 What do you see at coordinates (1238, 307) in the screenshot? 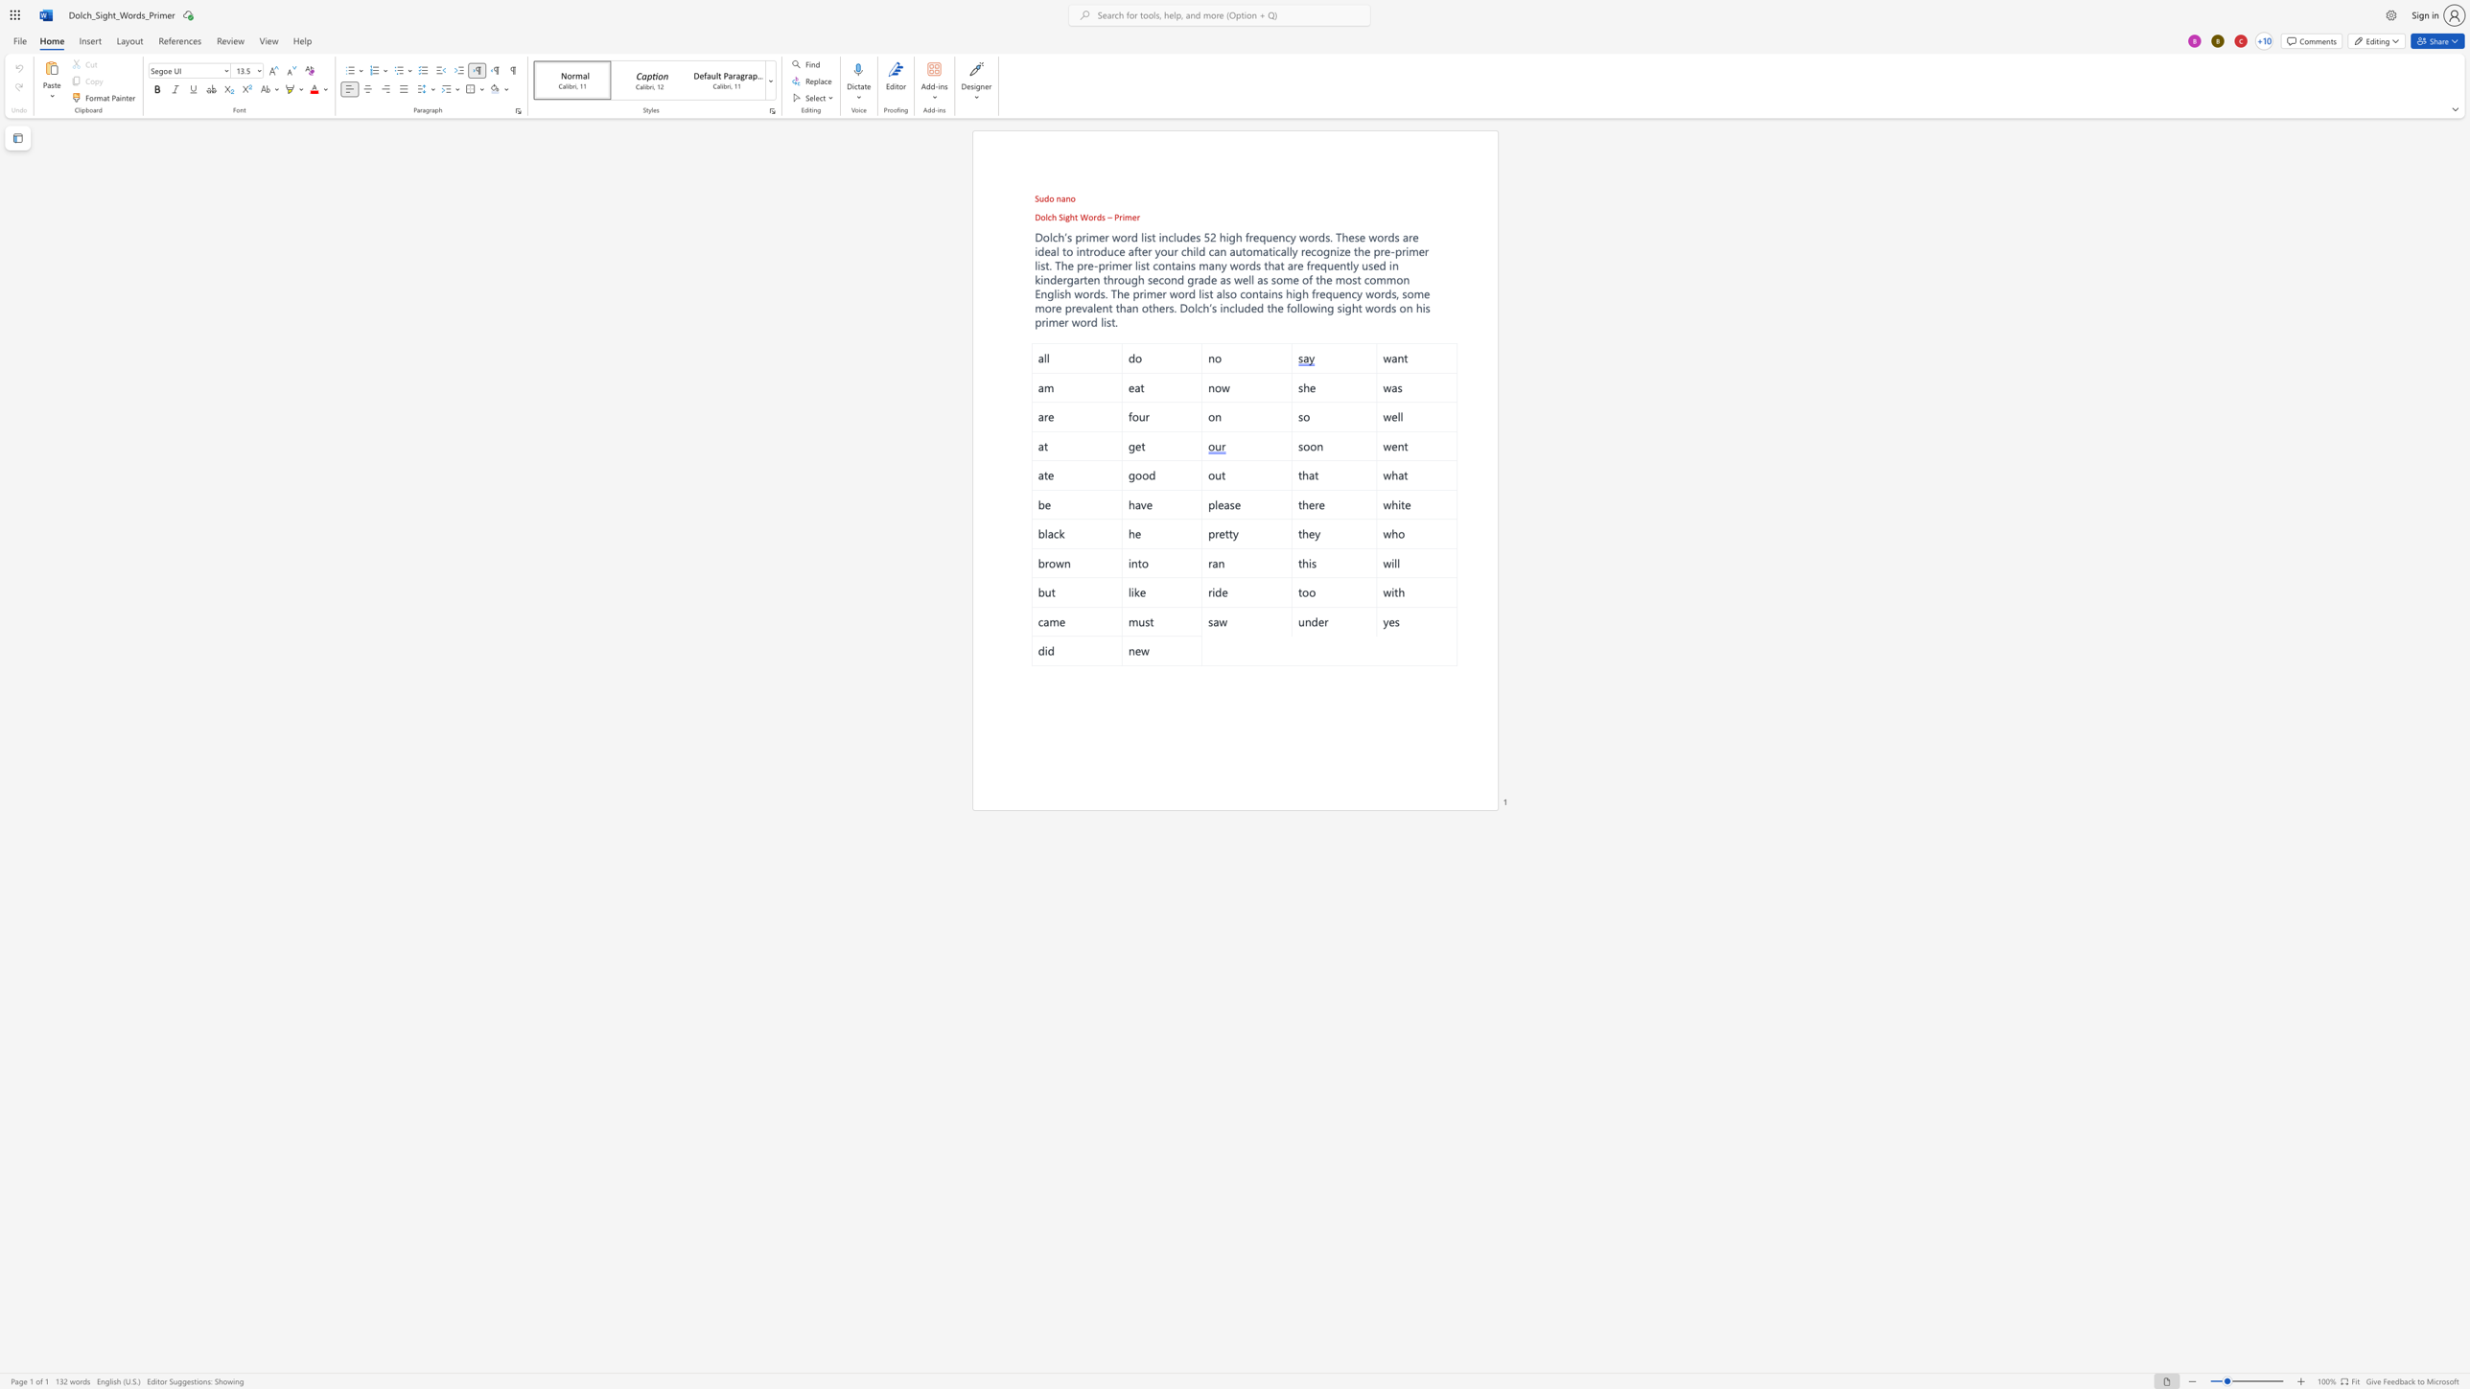
I see `the space between the continuous character "l" and "u" in the text` at bounding box center [1238, 307].